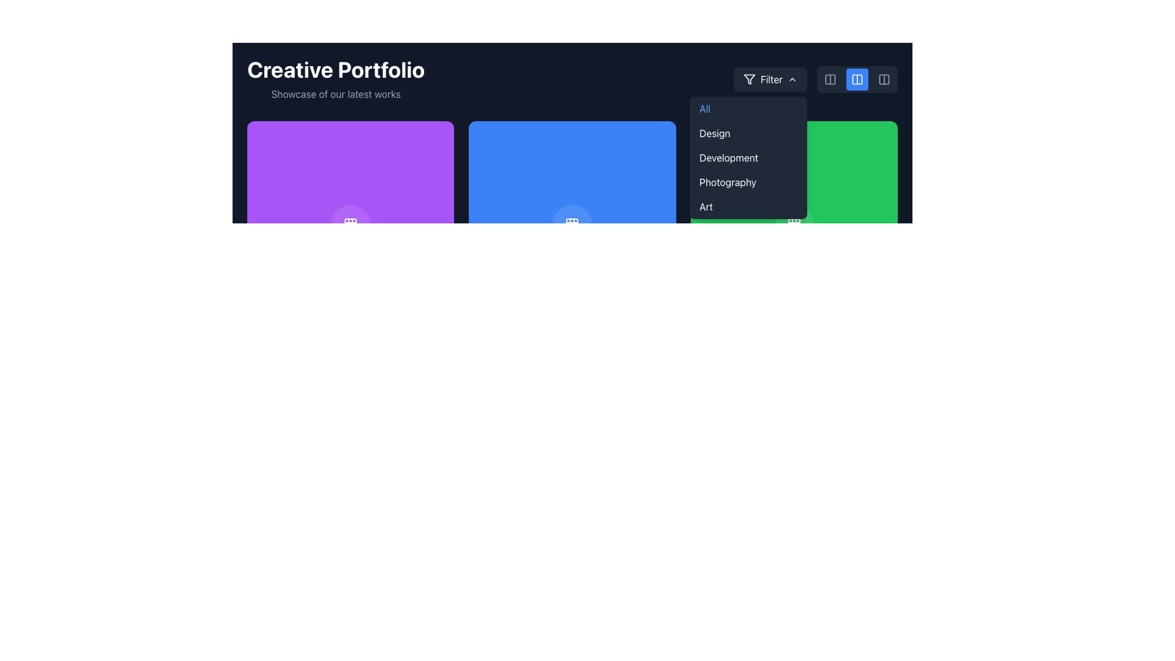 Image resolution: width=1175 pixels, height=661 pixels. What do you see at coordinates (572, 225) in the screenshot?
I see `the circular button with a grid icon on a semi-transparent white background located in the top-right section of the second blue content tile to interact or open a menu` at bounding box center [572, 225].